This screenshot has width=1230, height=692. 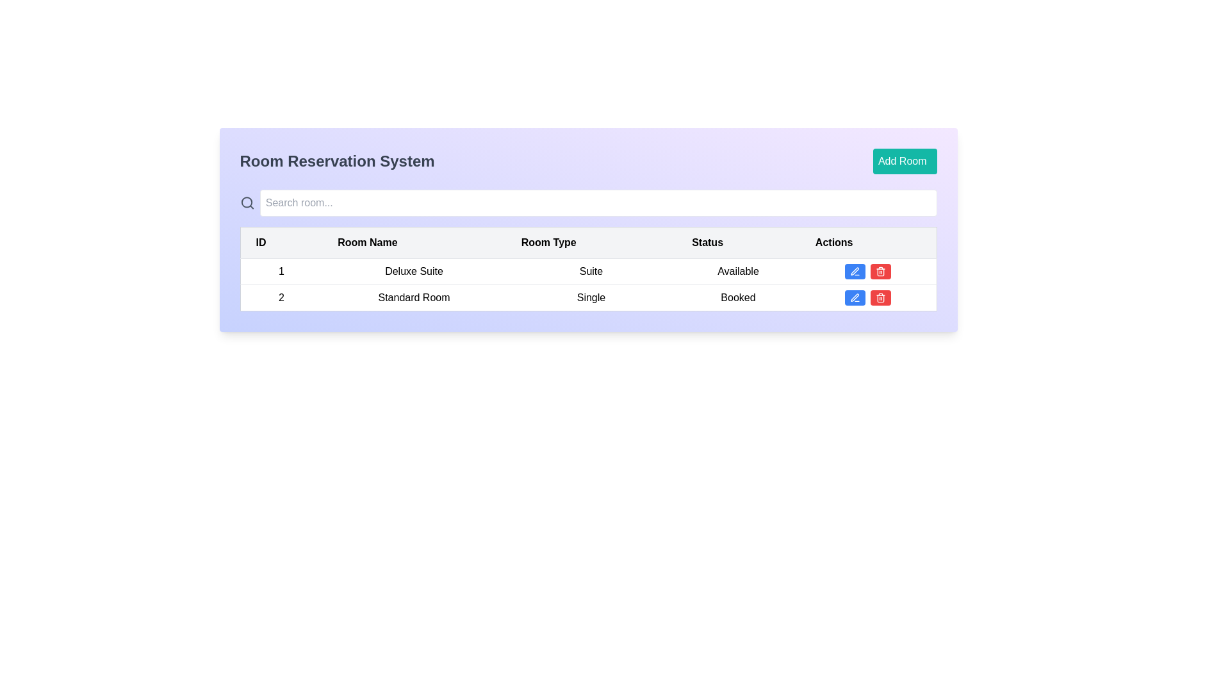 What do you see at coordinates (880, 271) in the screenshot?
I see `the rounded red button with a trash can icon to observe its hover effects` at bounding box center [880, 271].